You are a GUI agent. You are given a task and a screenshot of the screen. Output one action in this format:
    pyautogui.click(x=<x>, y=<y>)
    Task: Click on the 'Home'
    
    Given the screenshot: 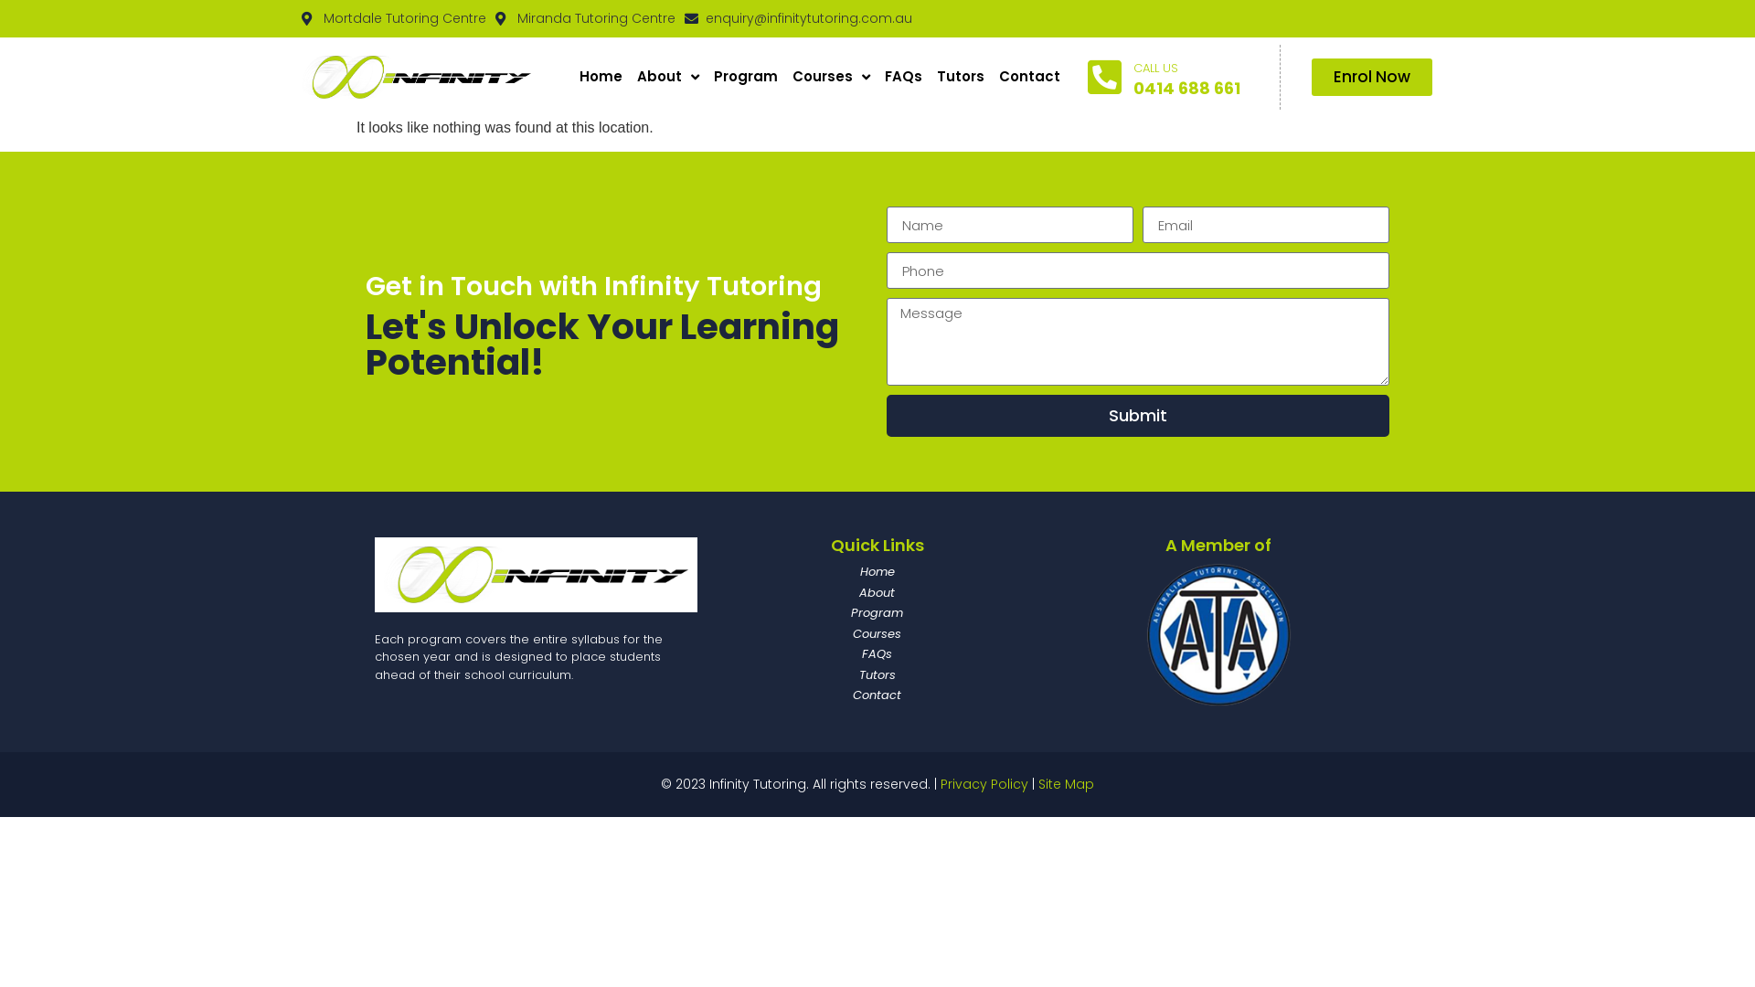 What is the action you would take?
    pyautogui.click(x=601, y=76)
    